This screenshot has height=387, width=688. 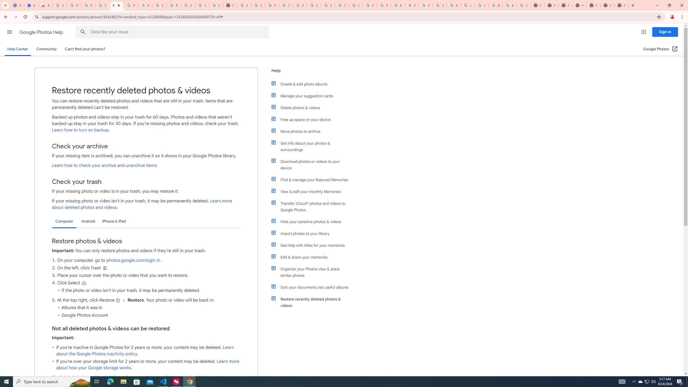 I want to click on 'Learn more about how your Google storage works', so click(x=148, y=364).